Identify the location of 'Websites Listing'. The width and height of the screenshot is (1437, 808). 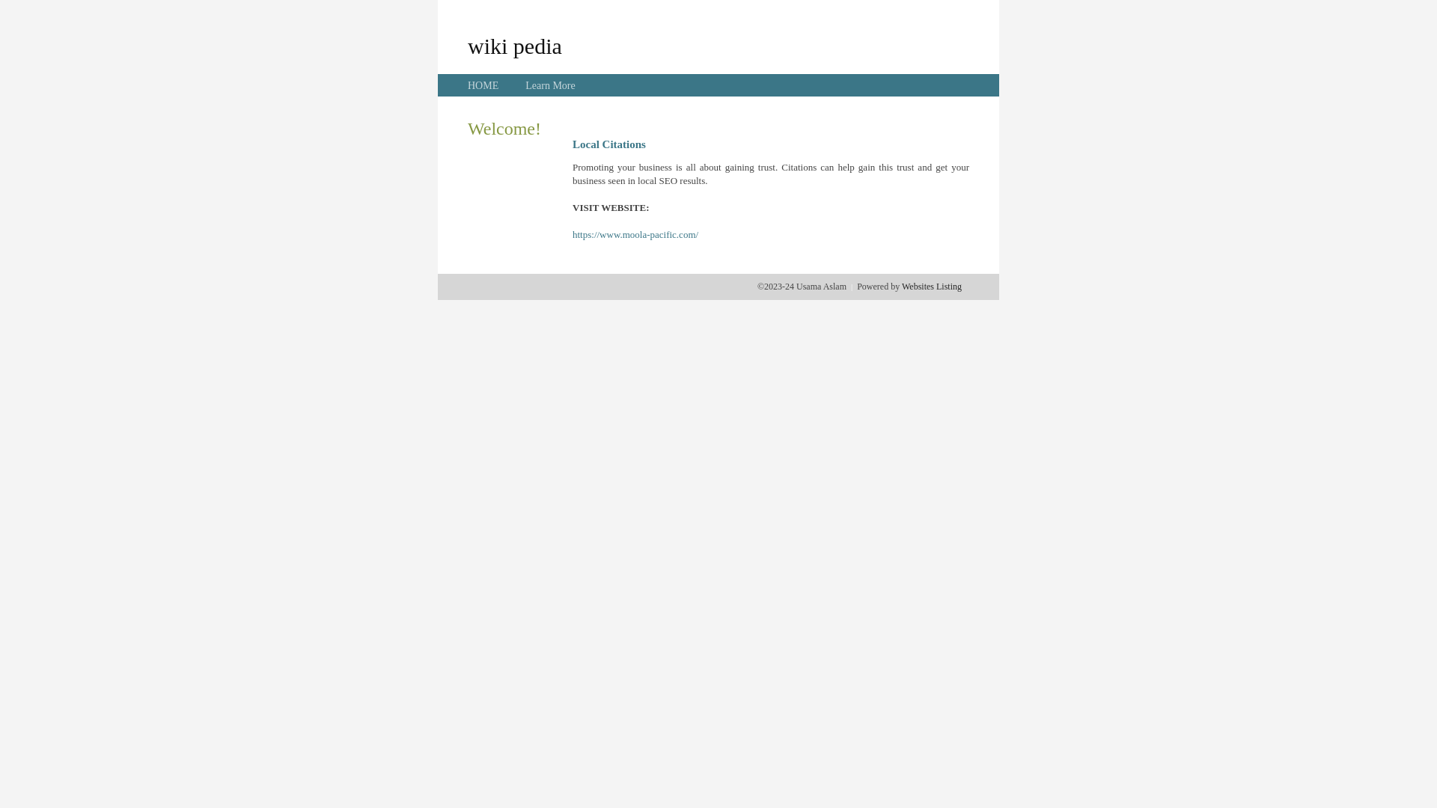
(930, 286).